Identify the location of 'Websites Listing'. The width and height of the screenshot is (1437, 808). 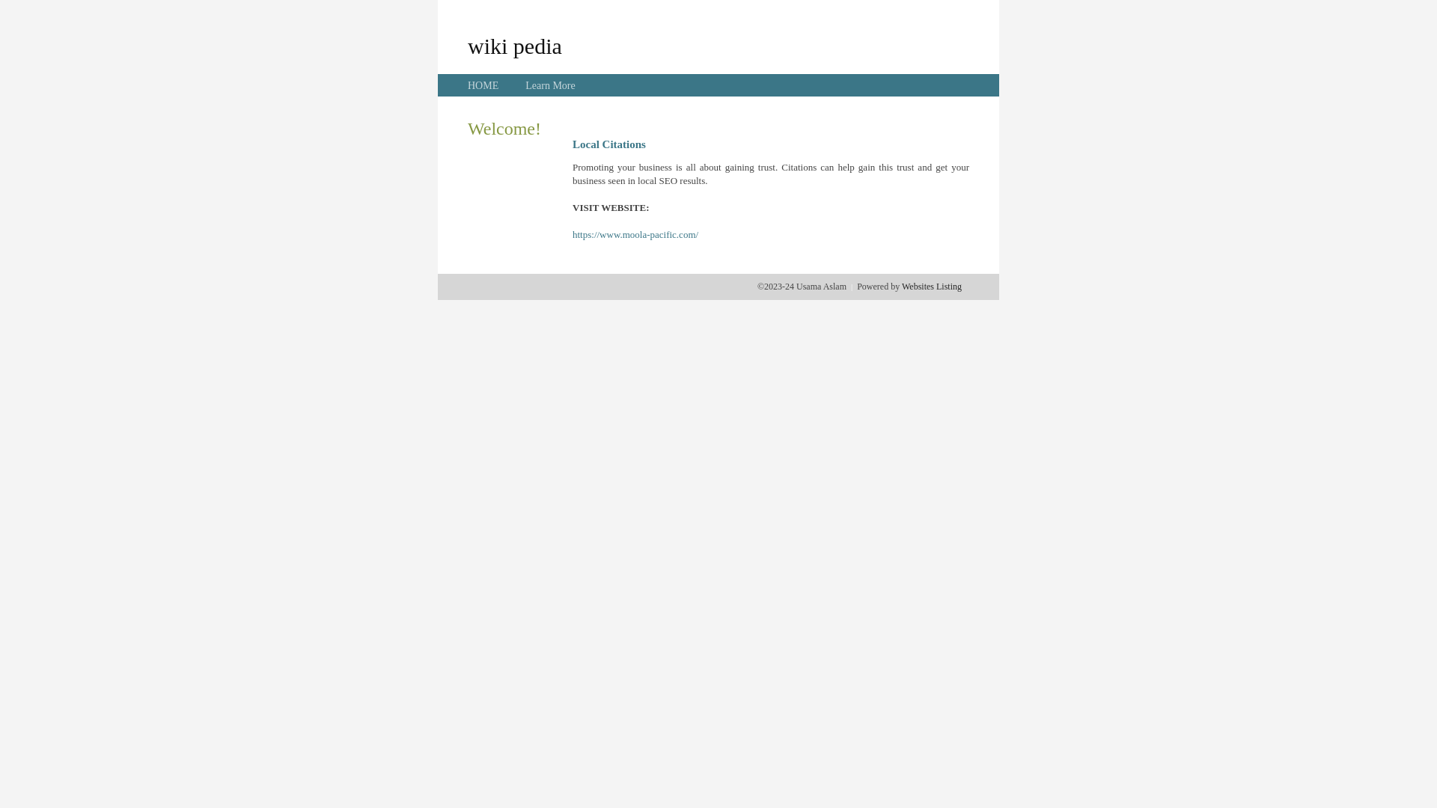
(930, 286).